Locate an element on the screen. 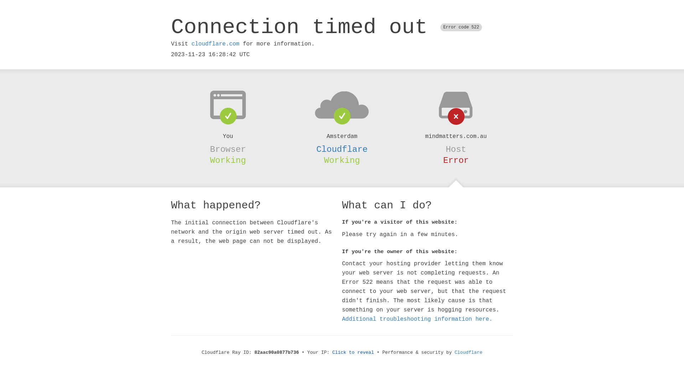 The width and height of the screenshot is (684, 384). 'Cloudflare' is located at coordinates (342, 149).